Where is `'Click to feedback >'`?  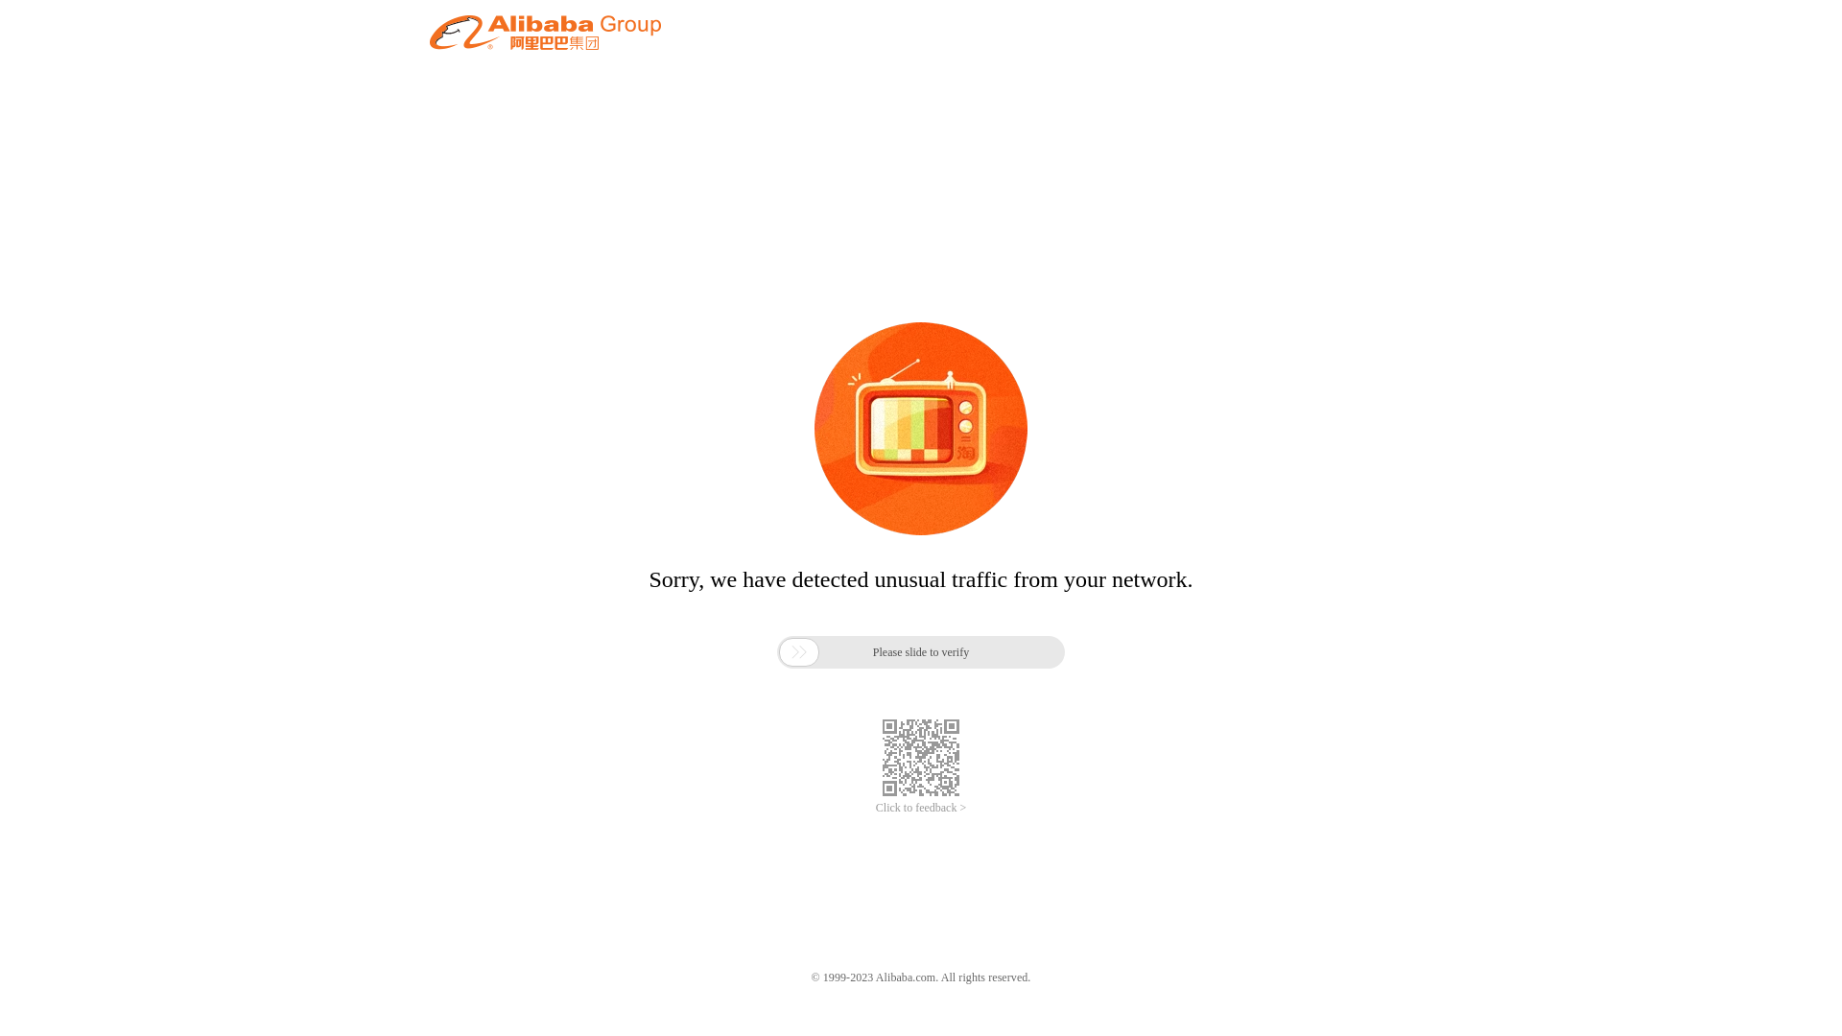 'Click to feedback >' is located at coordinates (874, 808).